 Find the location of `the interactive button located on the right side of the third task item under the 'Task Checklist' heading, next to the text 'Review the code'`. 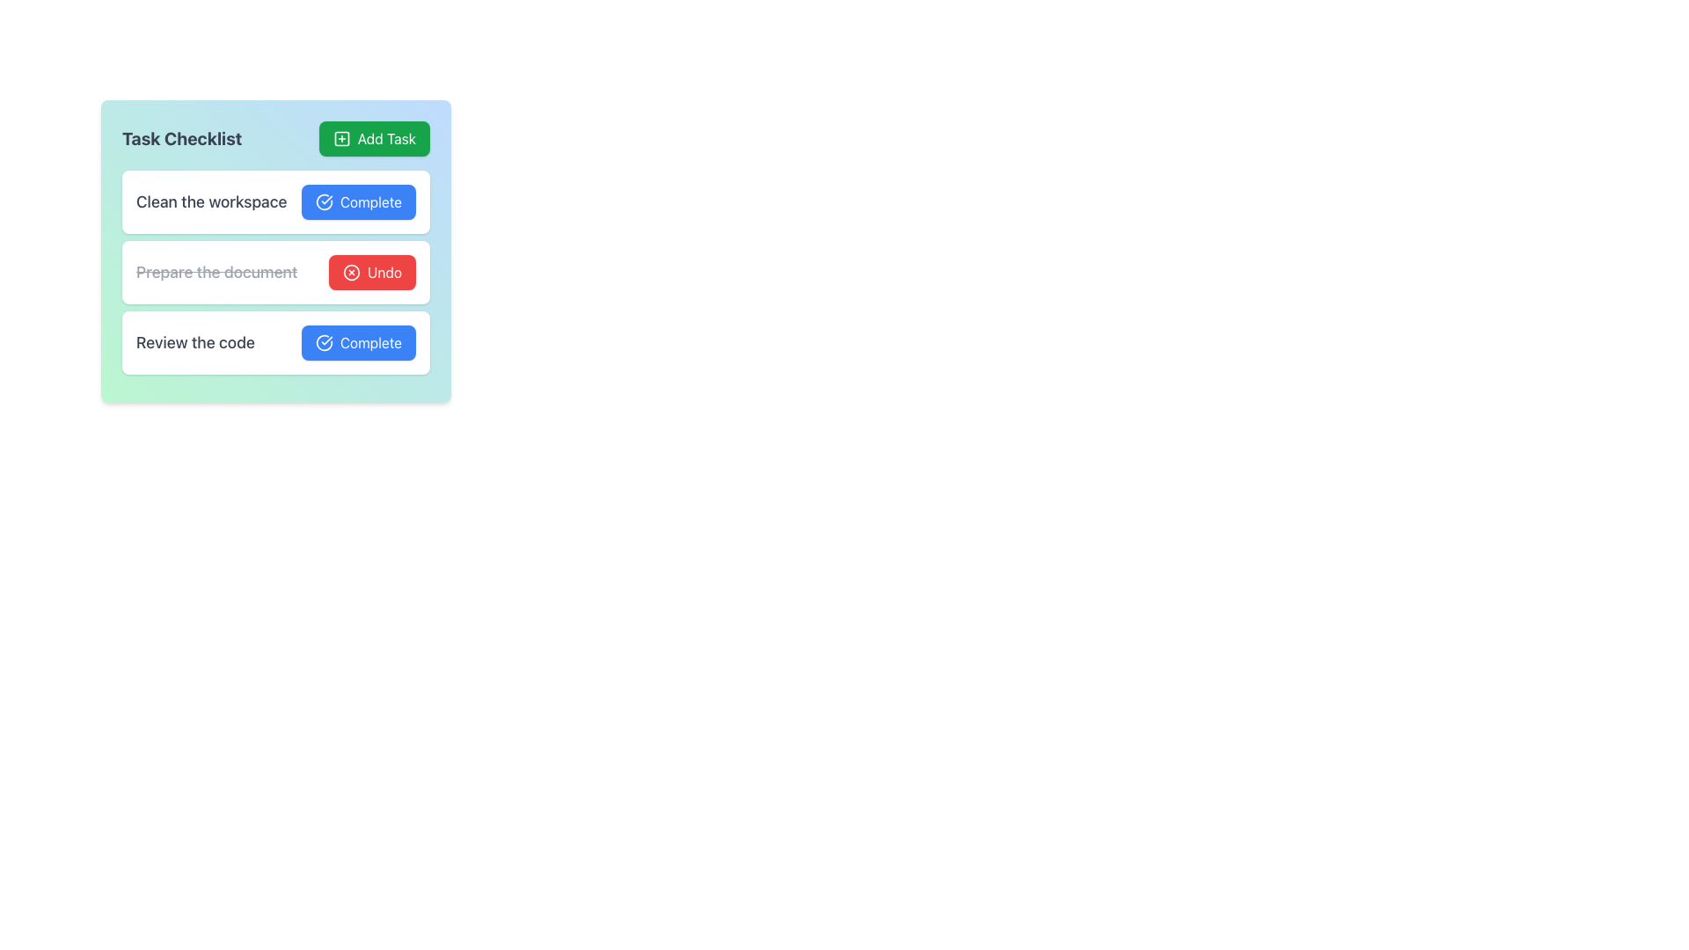

the interactive button located on the right side of the third task item under the 'Task Checklist' heading, next to the text 'Review the code' is located at coordinates (358, 342).